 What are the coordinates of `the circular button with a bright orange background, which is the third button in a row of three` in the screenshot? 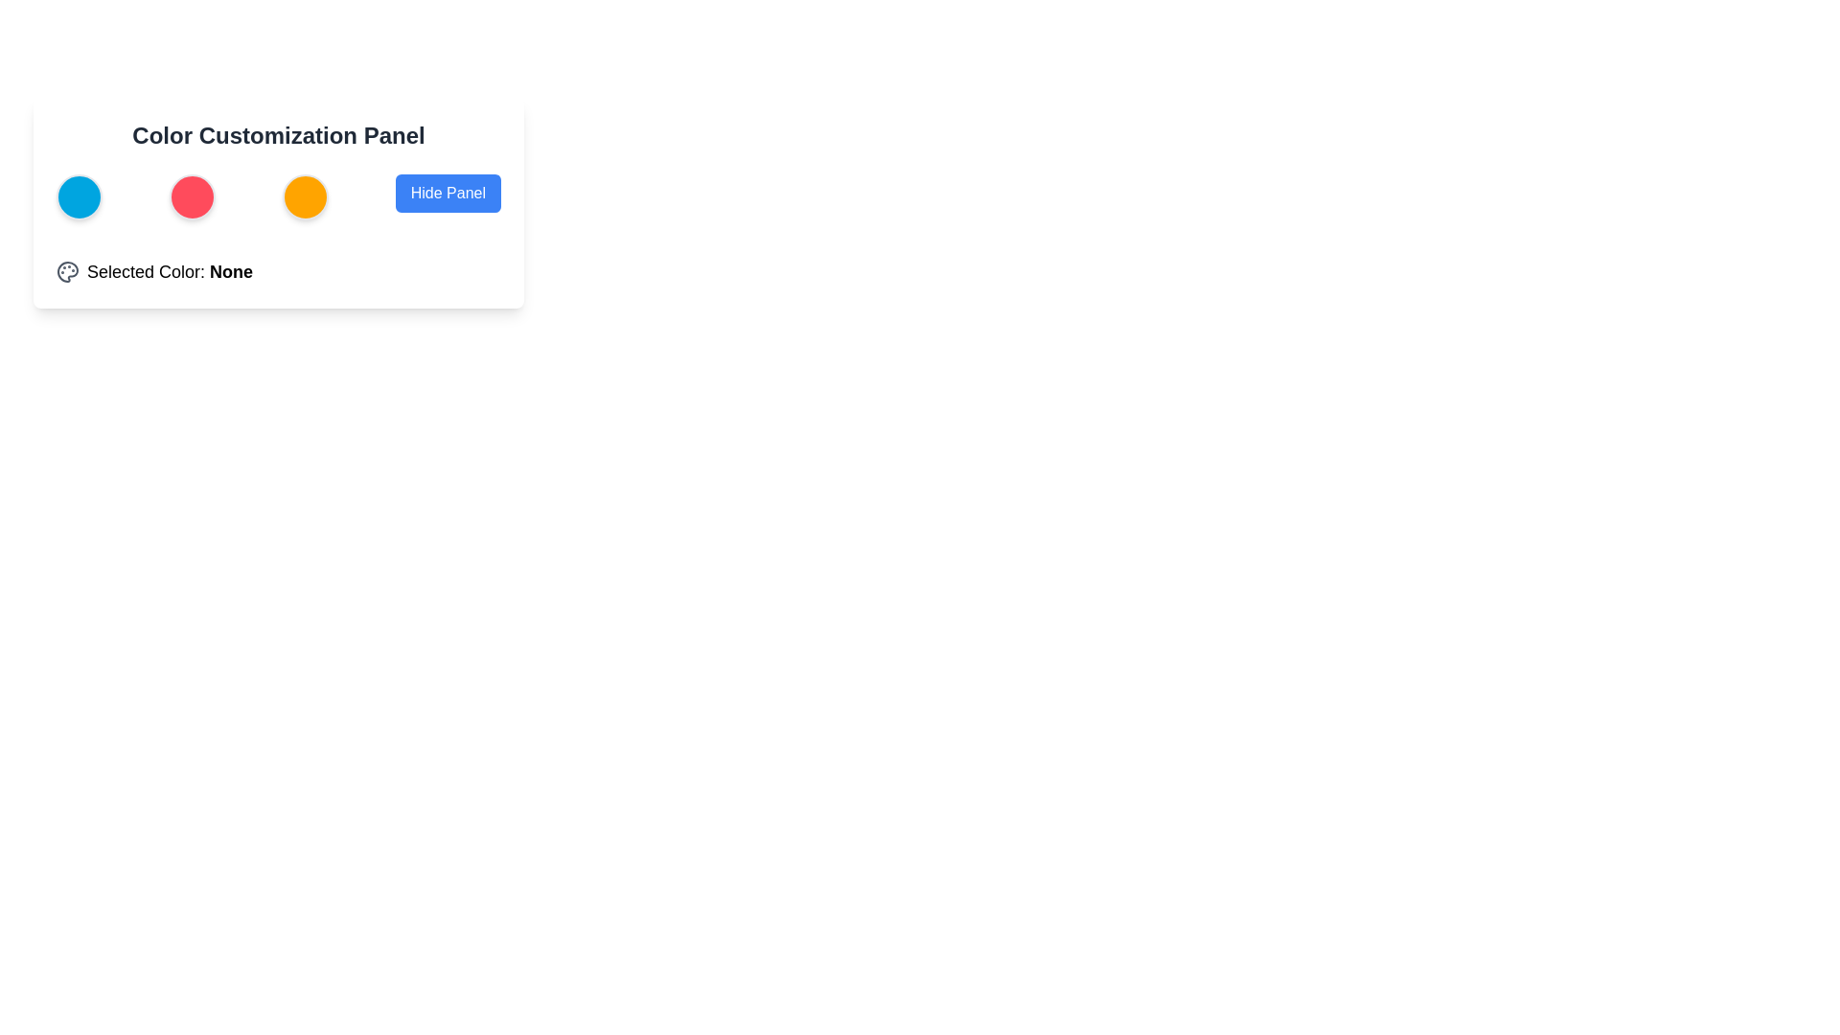 It's located at (304, 196).